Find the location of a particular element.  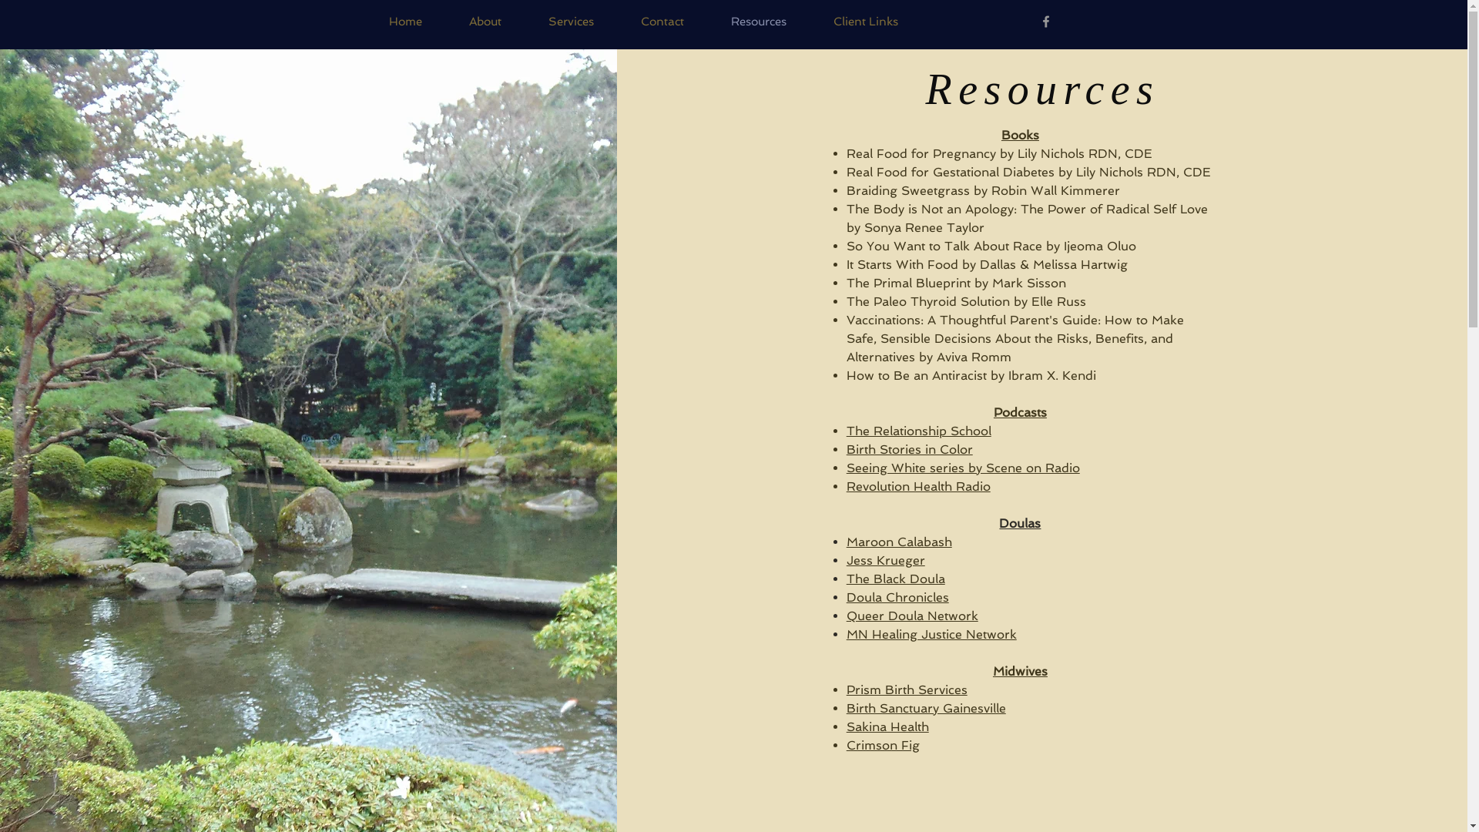

'Maroon Calabash' is located at coordinates (899, 541).